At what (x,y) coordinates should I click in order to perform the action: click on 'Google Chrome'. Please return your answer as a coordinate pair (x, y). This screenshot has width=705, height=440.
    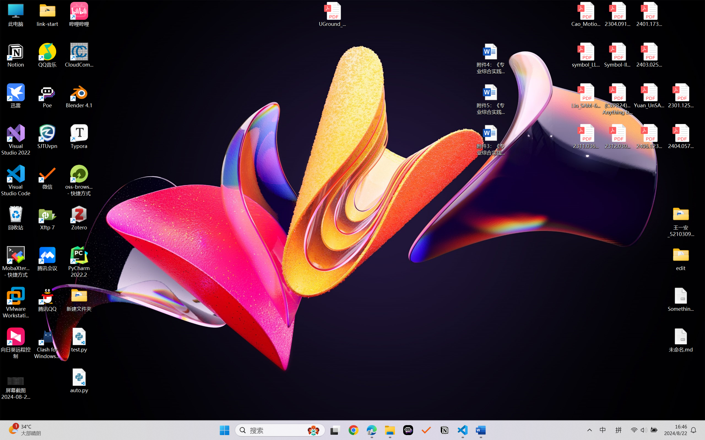
    Looking at the image, I should click on (353, 430).